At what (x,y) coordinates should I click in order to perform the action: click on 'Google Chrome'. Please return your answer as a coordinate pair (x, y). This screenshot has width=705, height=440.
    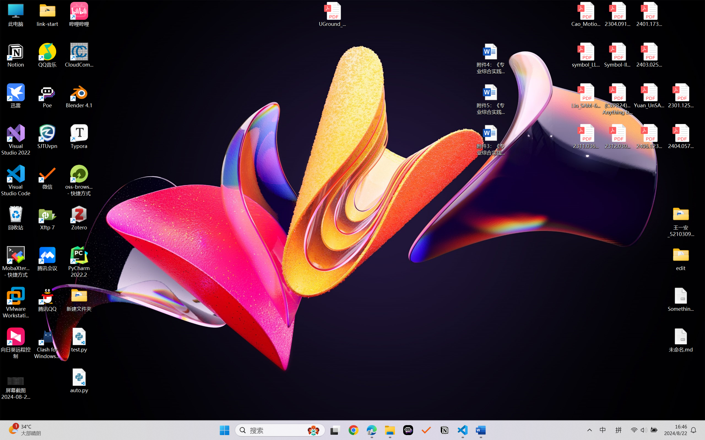
    Looking at the image, I should click on (353, 430).